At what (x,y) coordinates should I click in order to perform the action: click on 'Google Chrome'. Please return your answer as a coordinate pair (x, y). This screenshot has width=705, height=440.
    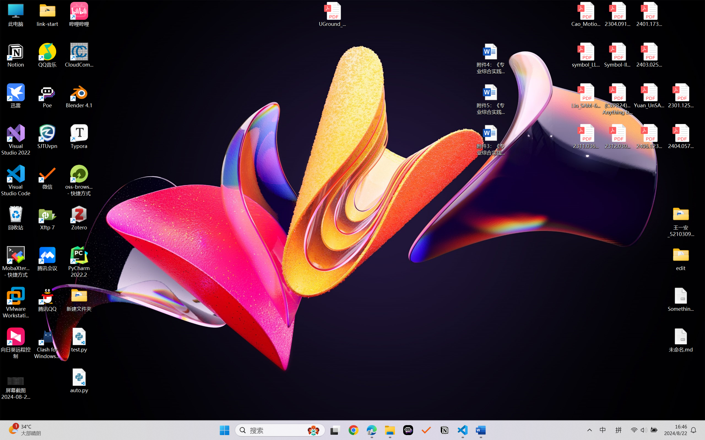
    Looking at the image, I should click on (353, 430).